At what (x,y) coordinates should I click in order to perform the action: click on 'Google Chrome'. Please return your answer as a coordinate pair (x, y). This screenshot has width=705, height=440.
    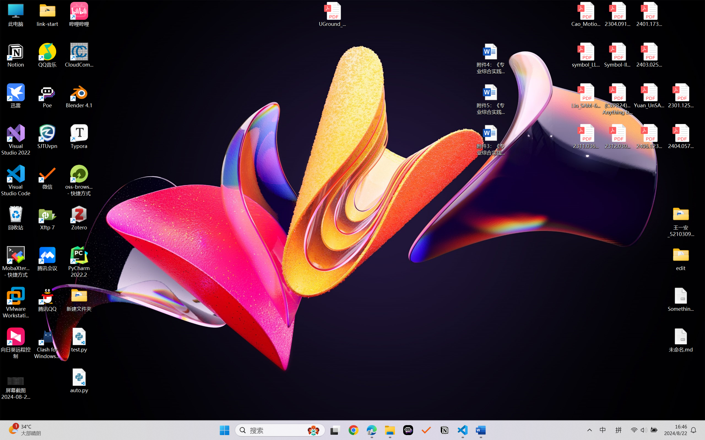
    Looking at the image, I should click on (353, 430).